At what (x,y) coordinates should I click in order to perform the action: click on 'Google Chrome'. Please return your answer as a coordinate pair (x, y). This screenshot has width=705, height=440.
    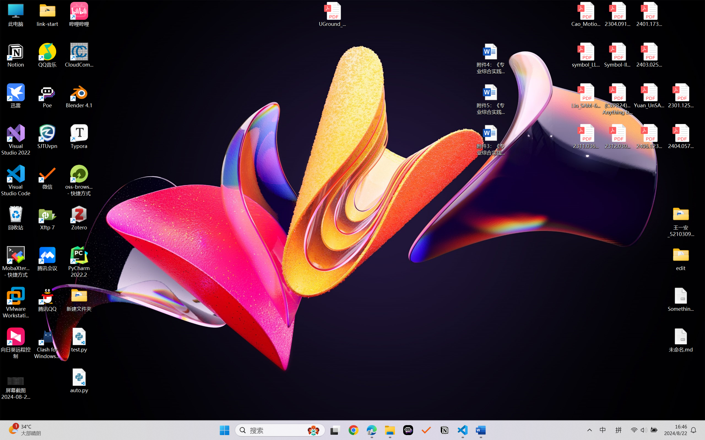
    Looking at the image, I should click on (353, 430).